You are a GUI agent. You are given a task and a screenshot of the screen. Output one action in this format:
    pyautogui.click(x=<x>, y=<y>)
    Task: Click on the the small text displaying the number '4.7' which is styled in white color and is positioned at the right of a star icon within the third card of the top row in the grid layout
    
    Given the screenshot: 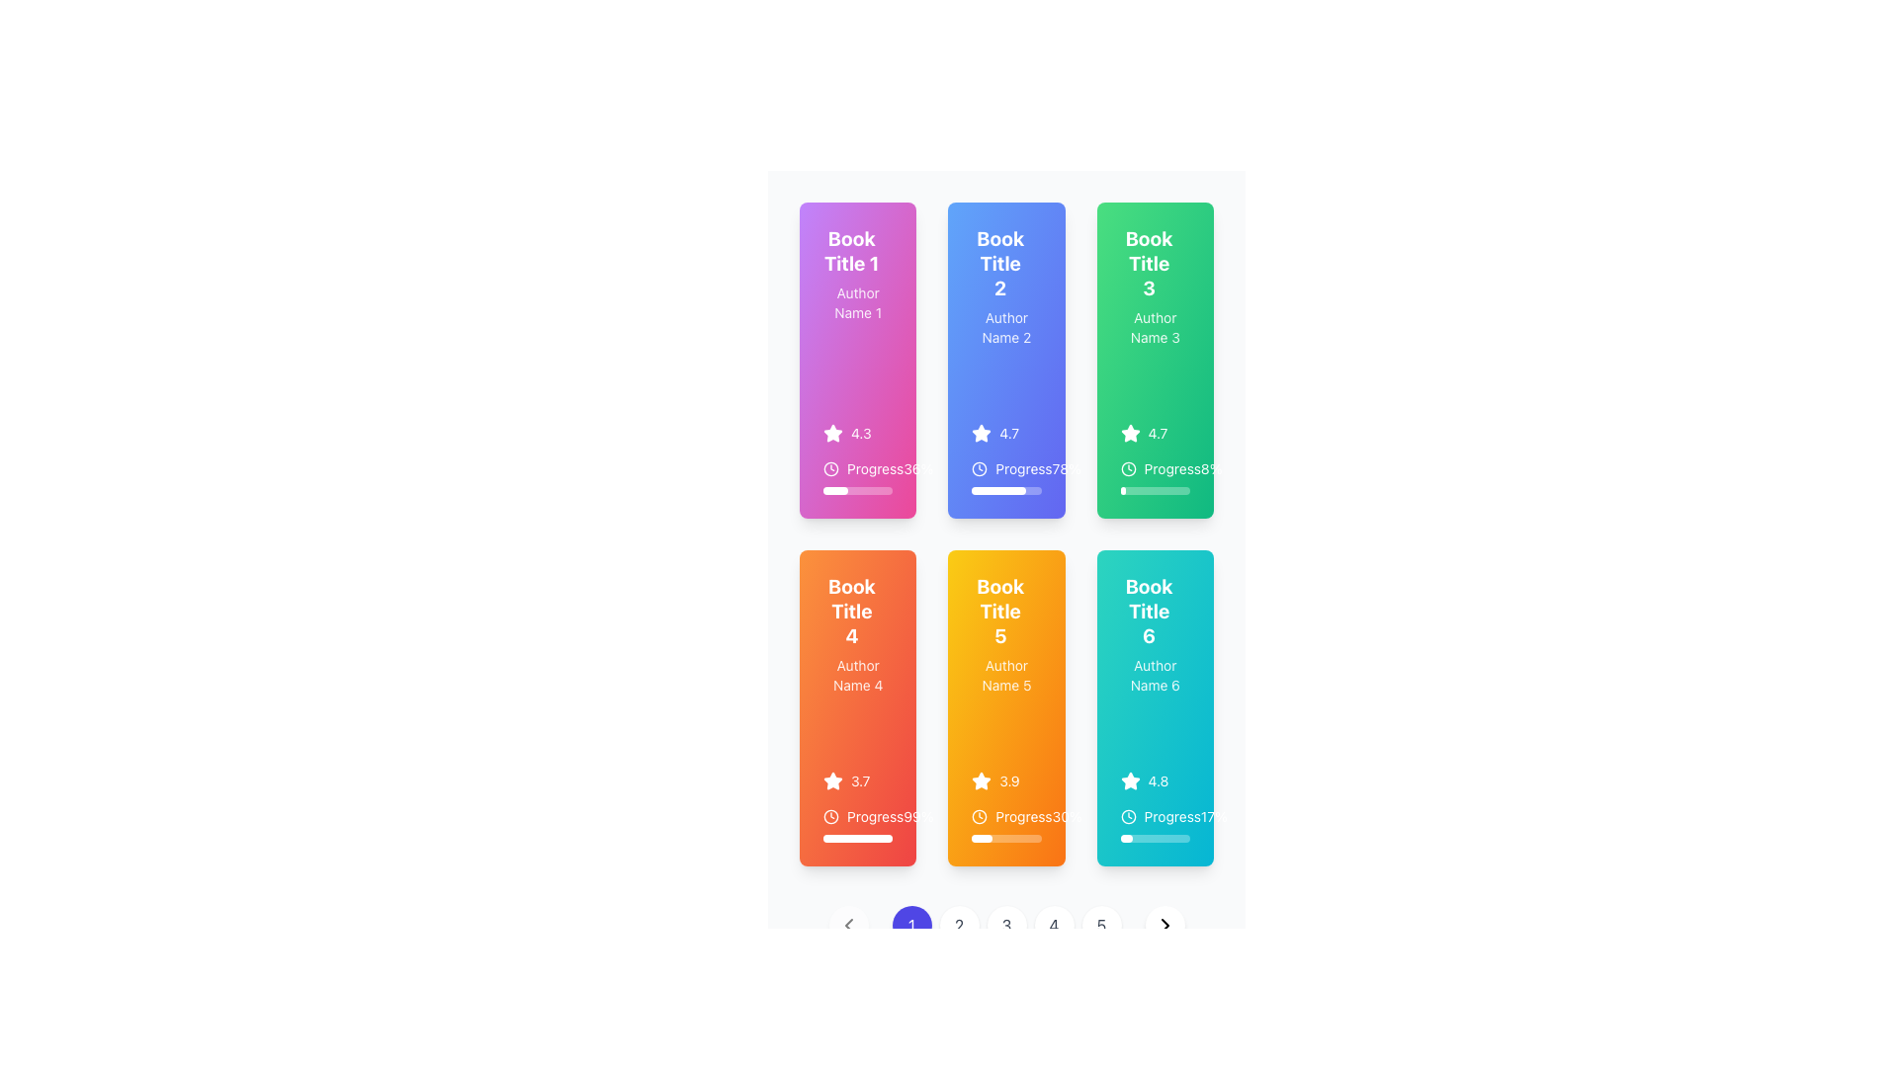 What is the action you would take?
    pyautogui.click(x=1009, y=433)
    